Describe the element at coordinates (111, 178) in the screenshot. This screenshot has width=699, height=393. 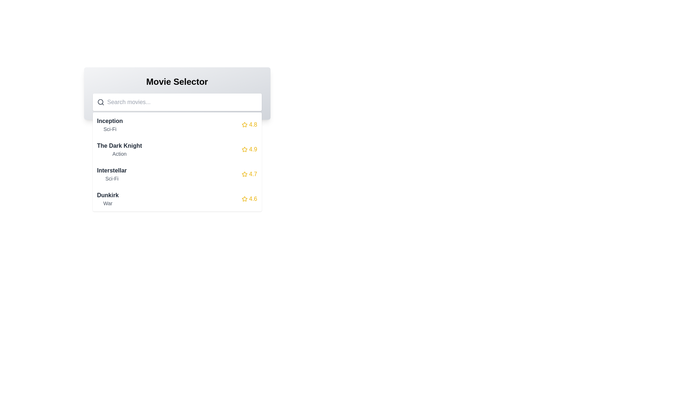
I see `text content of the genre label 'Sci-Fi', which is displayed in gray font below the title 'Interstellar' in the movie list interface` at that location.